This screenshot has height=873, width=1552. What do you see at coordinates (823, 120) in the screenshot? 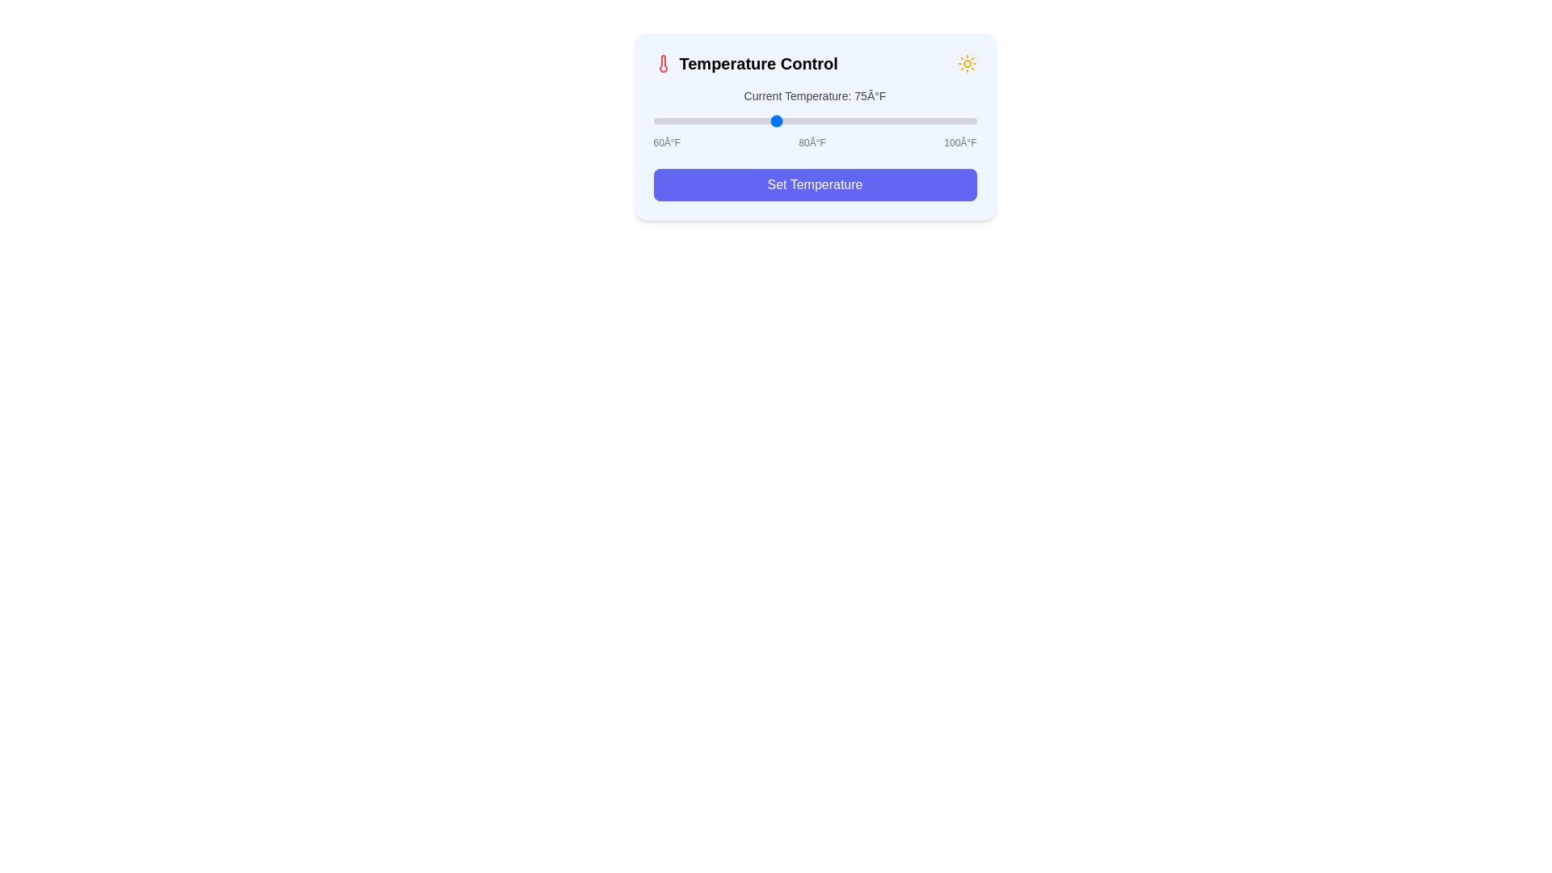
I see `the temperature` at bounding box center [823, 120].